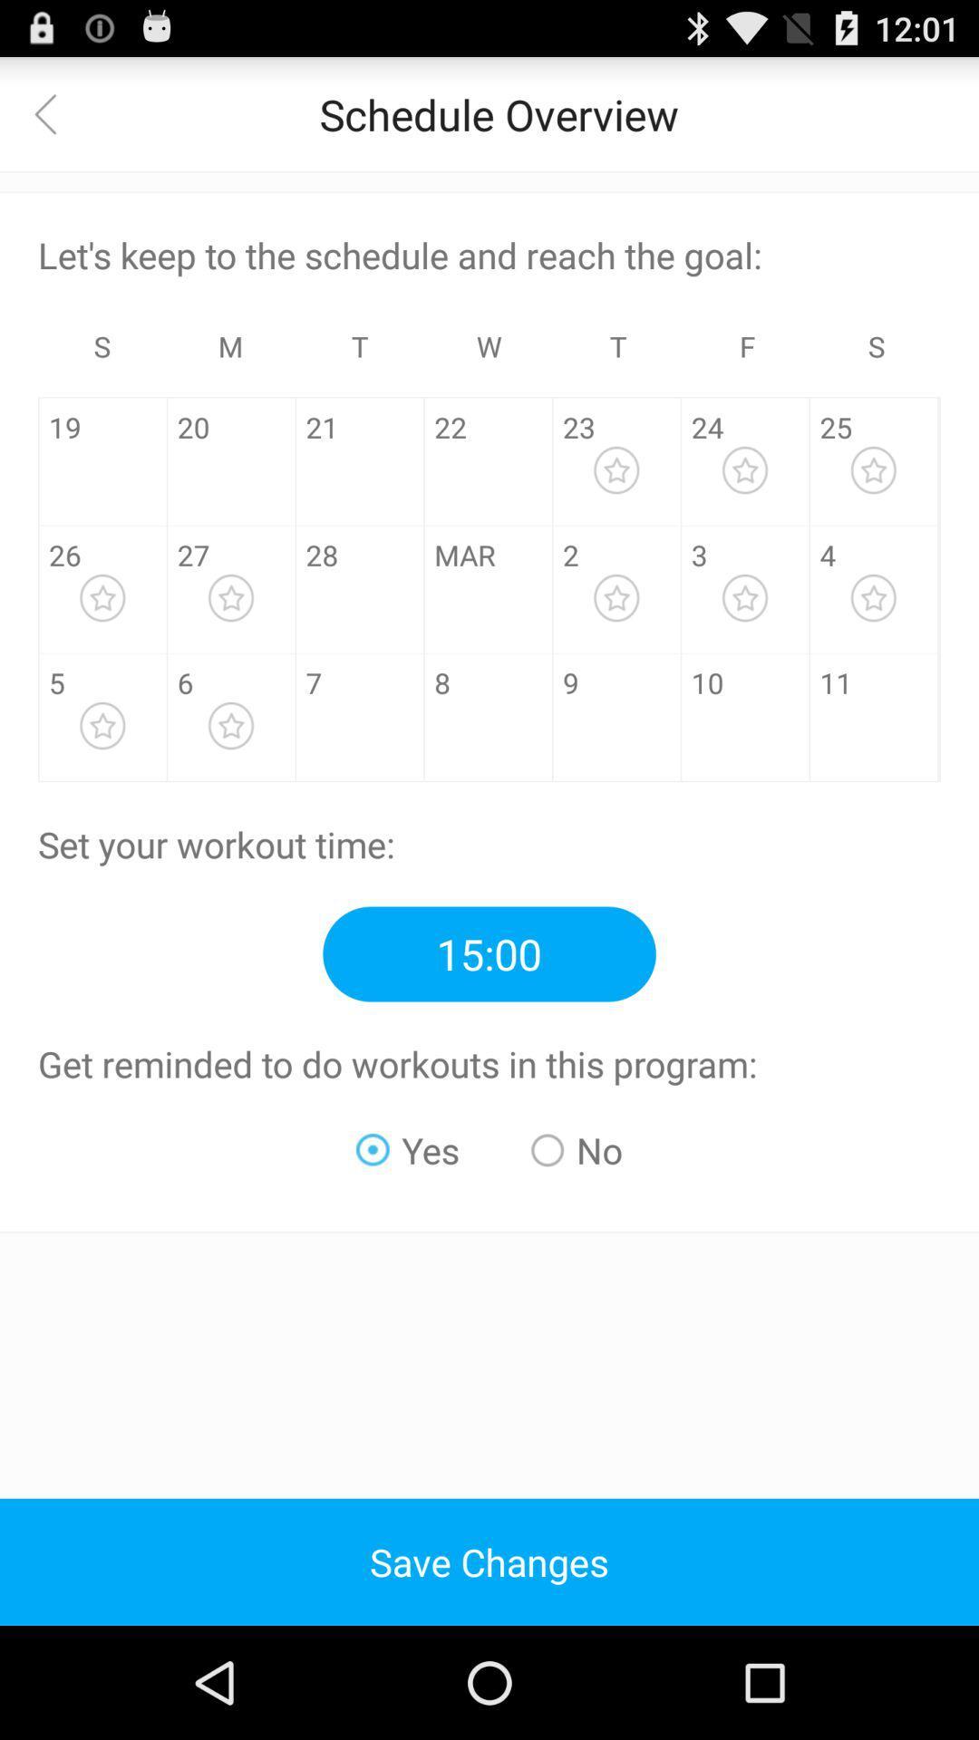 The height and width of the screenshot is (1740, 979). What do you see at coordinates (577, 1149) in the screenshot?
I see `no` at bounding box center [577, 1149].